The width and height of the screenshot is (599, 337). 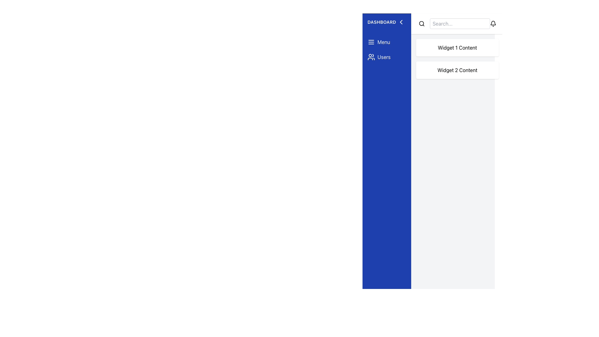 I want to click on the 'Users' text label in the left sidebar that identifies user management features, so click(x=384, y=57).